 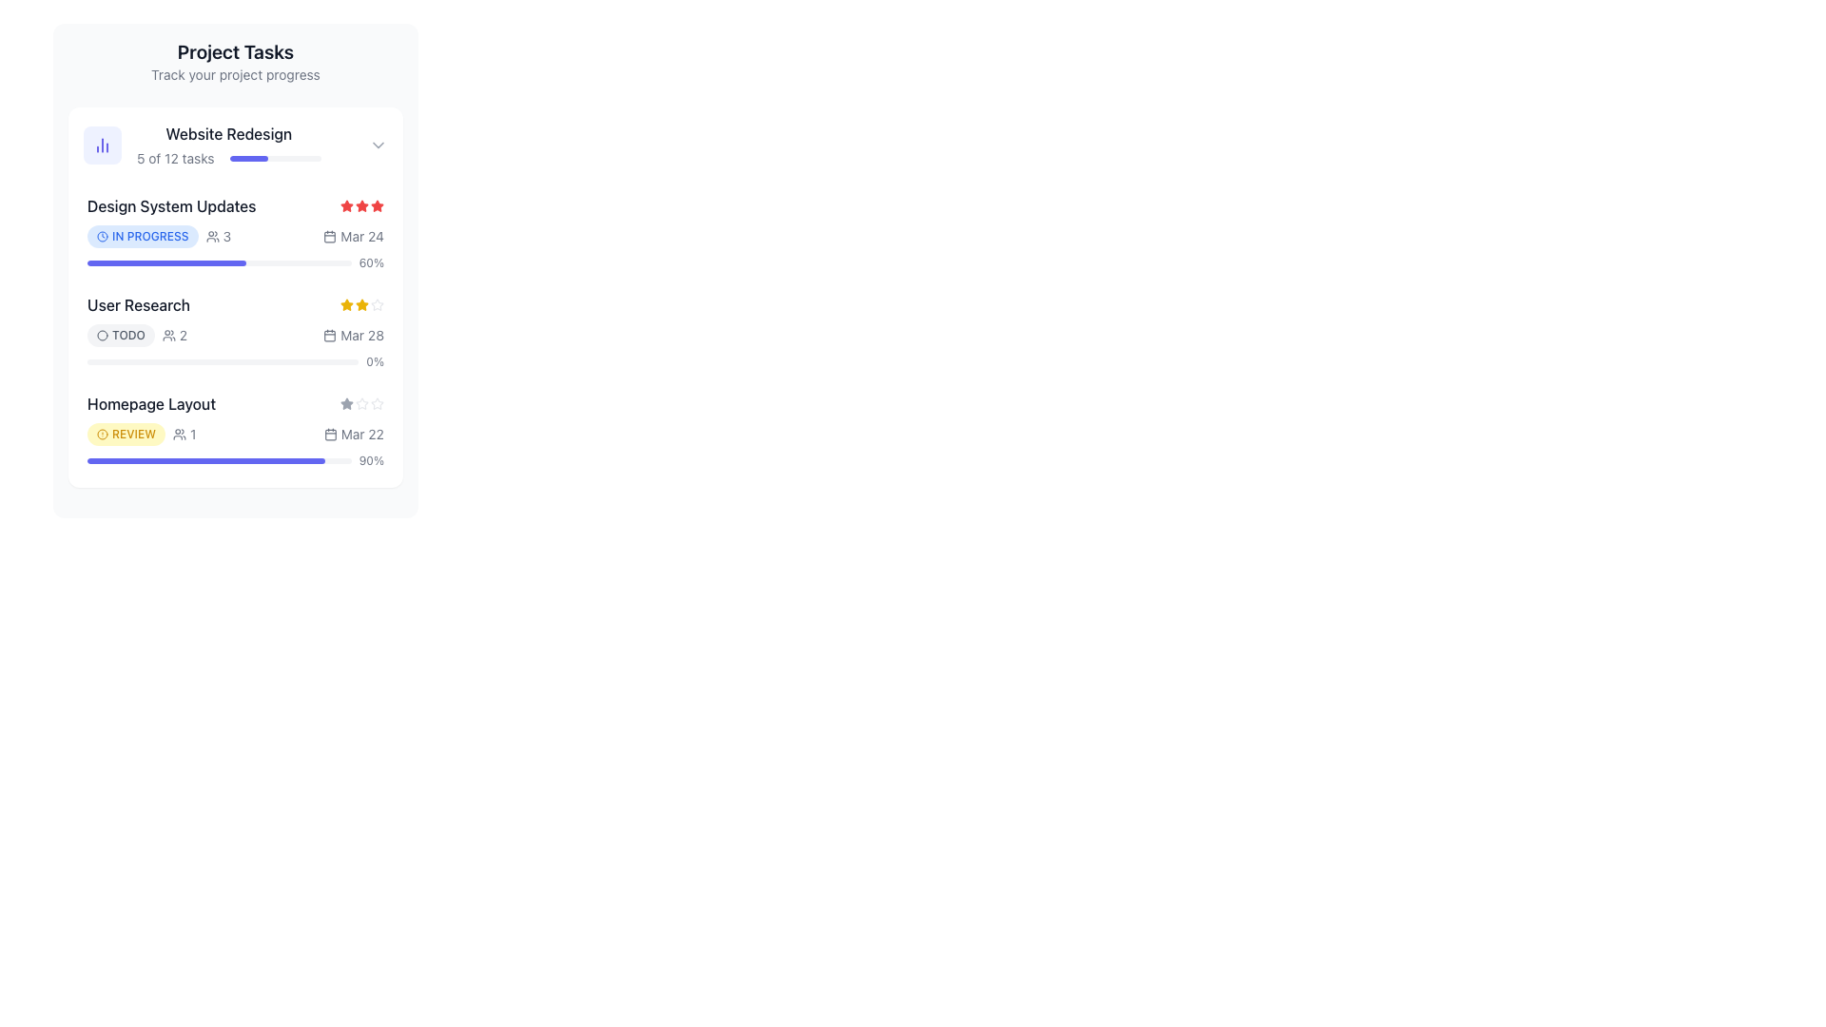 I want to click on the third gray star icon, so click(x=346, y=402).